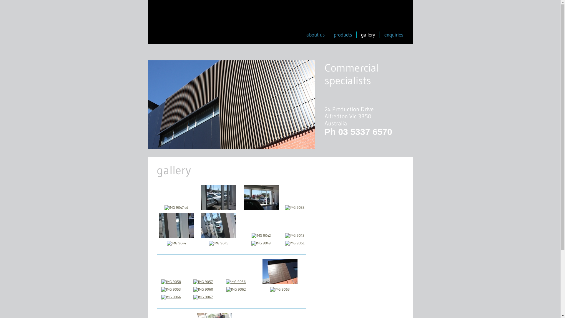  Describe the element at coordinates (279, 289) in the screenshot. I see `'IMG 9063'` at that location.